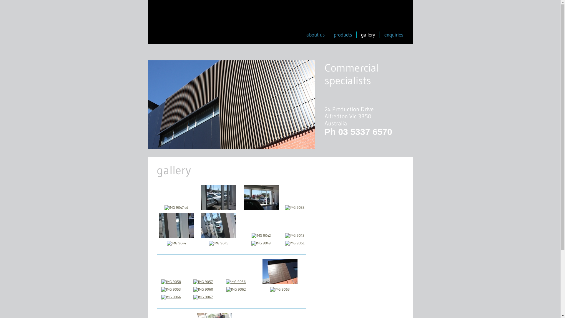  Describe the element at coordinates (279, 289) in the screenshot. I see `'IMG 9063'` at that location.